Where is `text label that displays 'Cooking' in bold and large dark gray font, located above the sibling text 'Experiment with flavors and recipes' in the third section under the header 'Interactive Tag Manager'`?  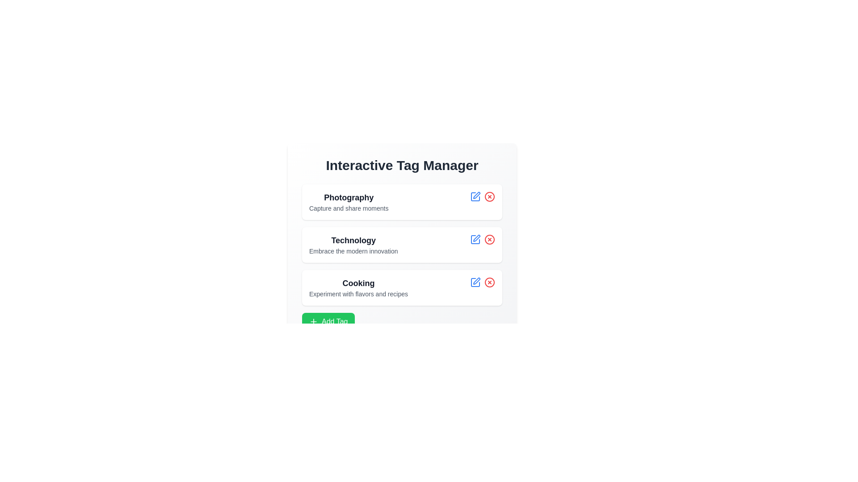 text label that displays 'Cooking' in bold and large dark gray font, located above the sibling text 'Experiment with flavors and recipes' in the third section under the header 'Interactive Tag Manager' is located at coordinates (358, 283).